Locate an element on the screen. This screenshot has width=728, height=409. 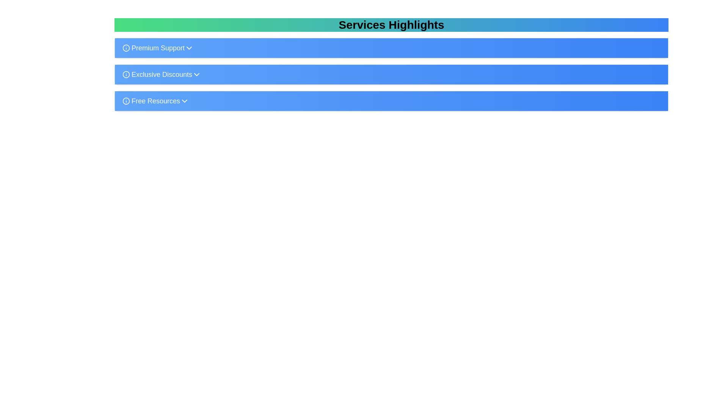
the downward chevron icon, which is outlined in black and positioned at the far right of the 'Premium Support' button is located at coordinates (189, 48).